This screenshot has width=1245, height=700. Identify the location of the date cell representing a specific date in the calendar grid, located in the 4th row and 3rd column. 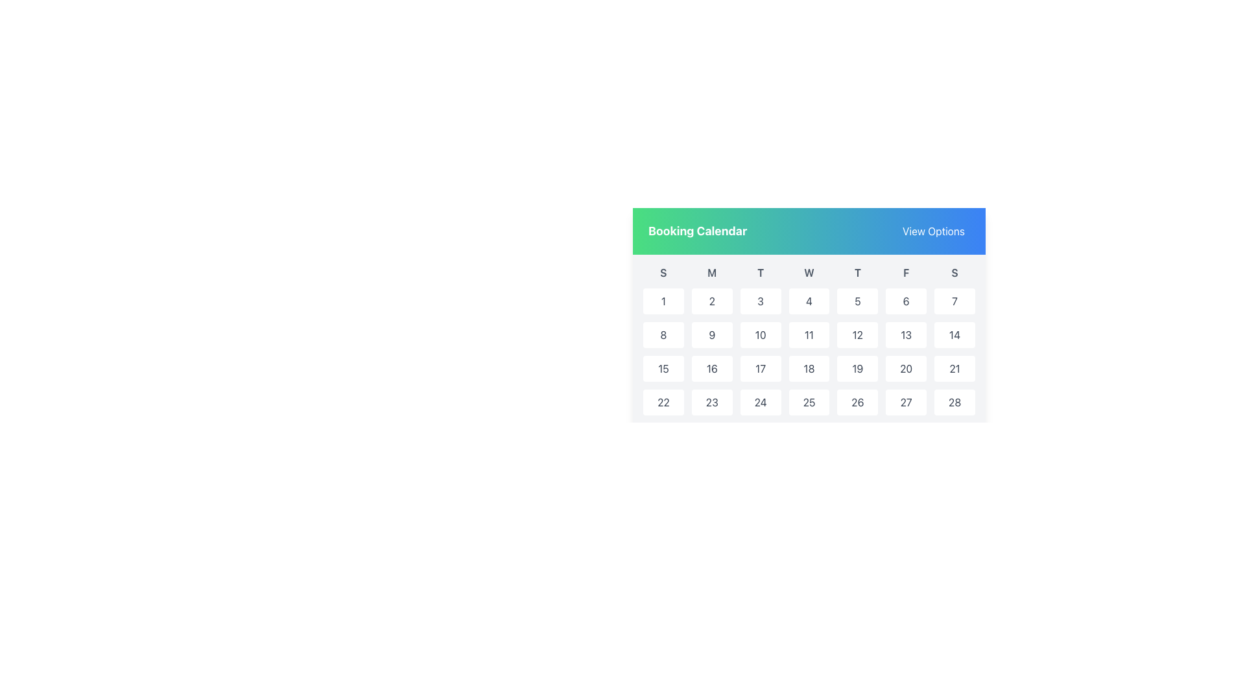
(761, 369).